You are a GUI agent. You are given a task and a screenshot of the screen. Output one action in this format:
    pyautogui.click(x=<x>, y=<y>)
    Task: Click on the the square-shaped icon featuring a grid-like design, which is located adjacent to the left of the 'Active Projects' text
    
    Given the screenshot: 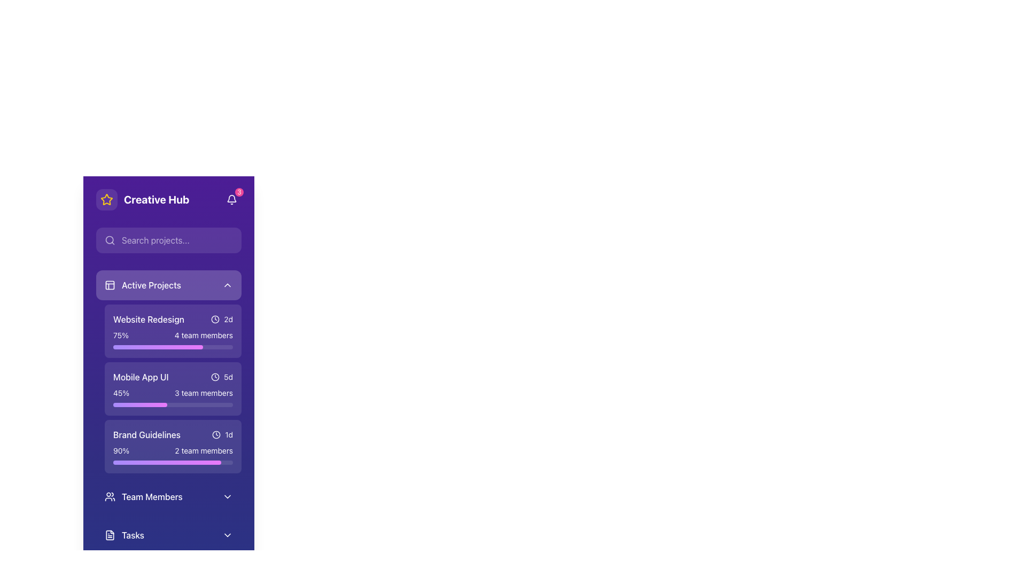 What is the action you would take?
    pyautogui.click(x=110, y=284)
    